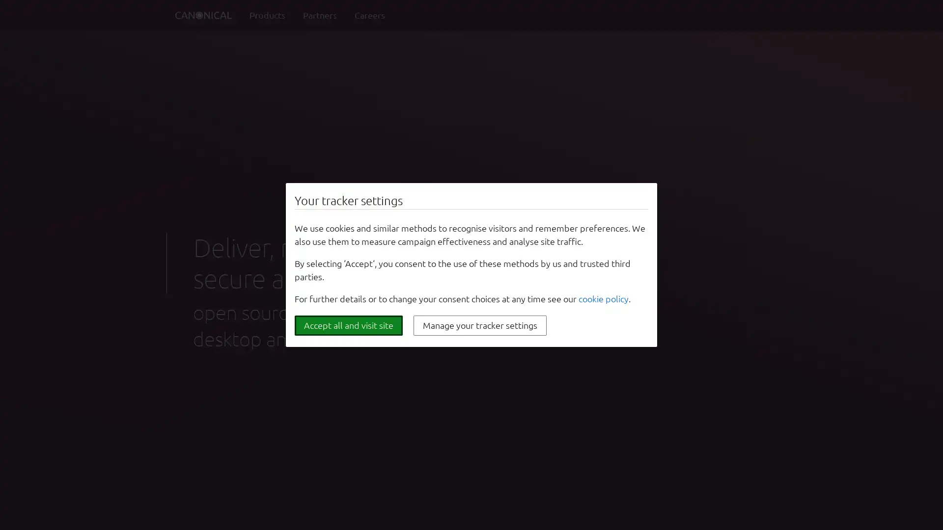 The height and width of the screenshot is (530, 943). What do you see at coordinates (480, 325) in the screenshot?
I see `Manage your tracker settings` at bounding box center [480, 325].